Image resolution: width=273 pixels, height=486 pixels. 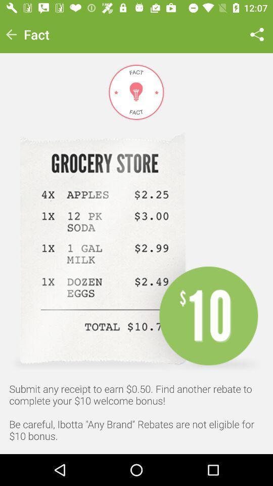 What do you see at coordinates (11, 34) in the screenshot?
I see `the icon to the left of fact icon` at bounding box center [11, 34].